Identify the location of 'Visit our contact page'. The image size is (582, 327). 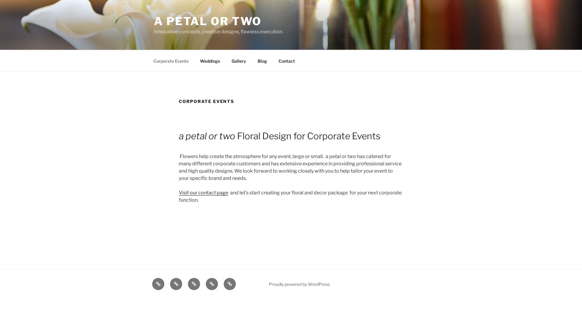
(203, 193).